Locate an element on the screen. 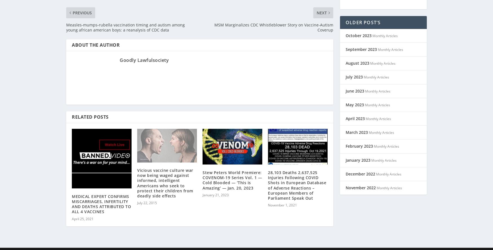 This screenshot has width=493, height=250. 'About The Author' is located at coordinates (96, 37).